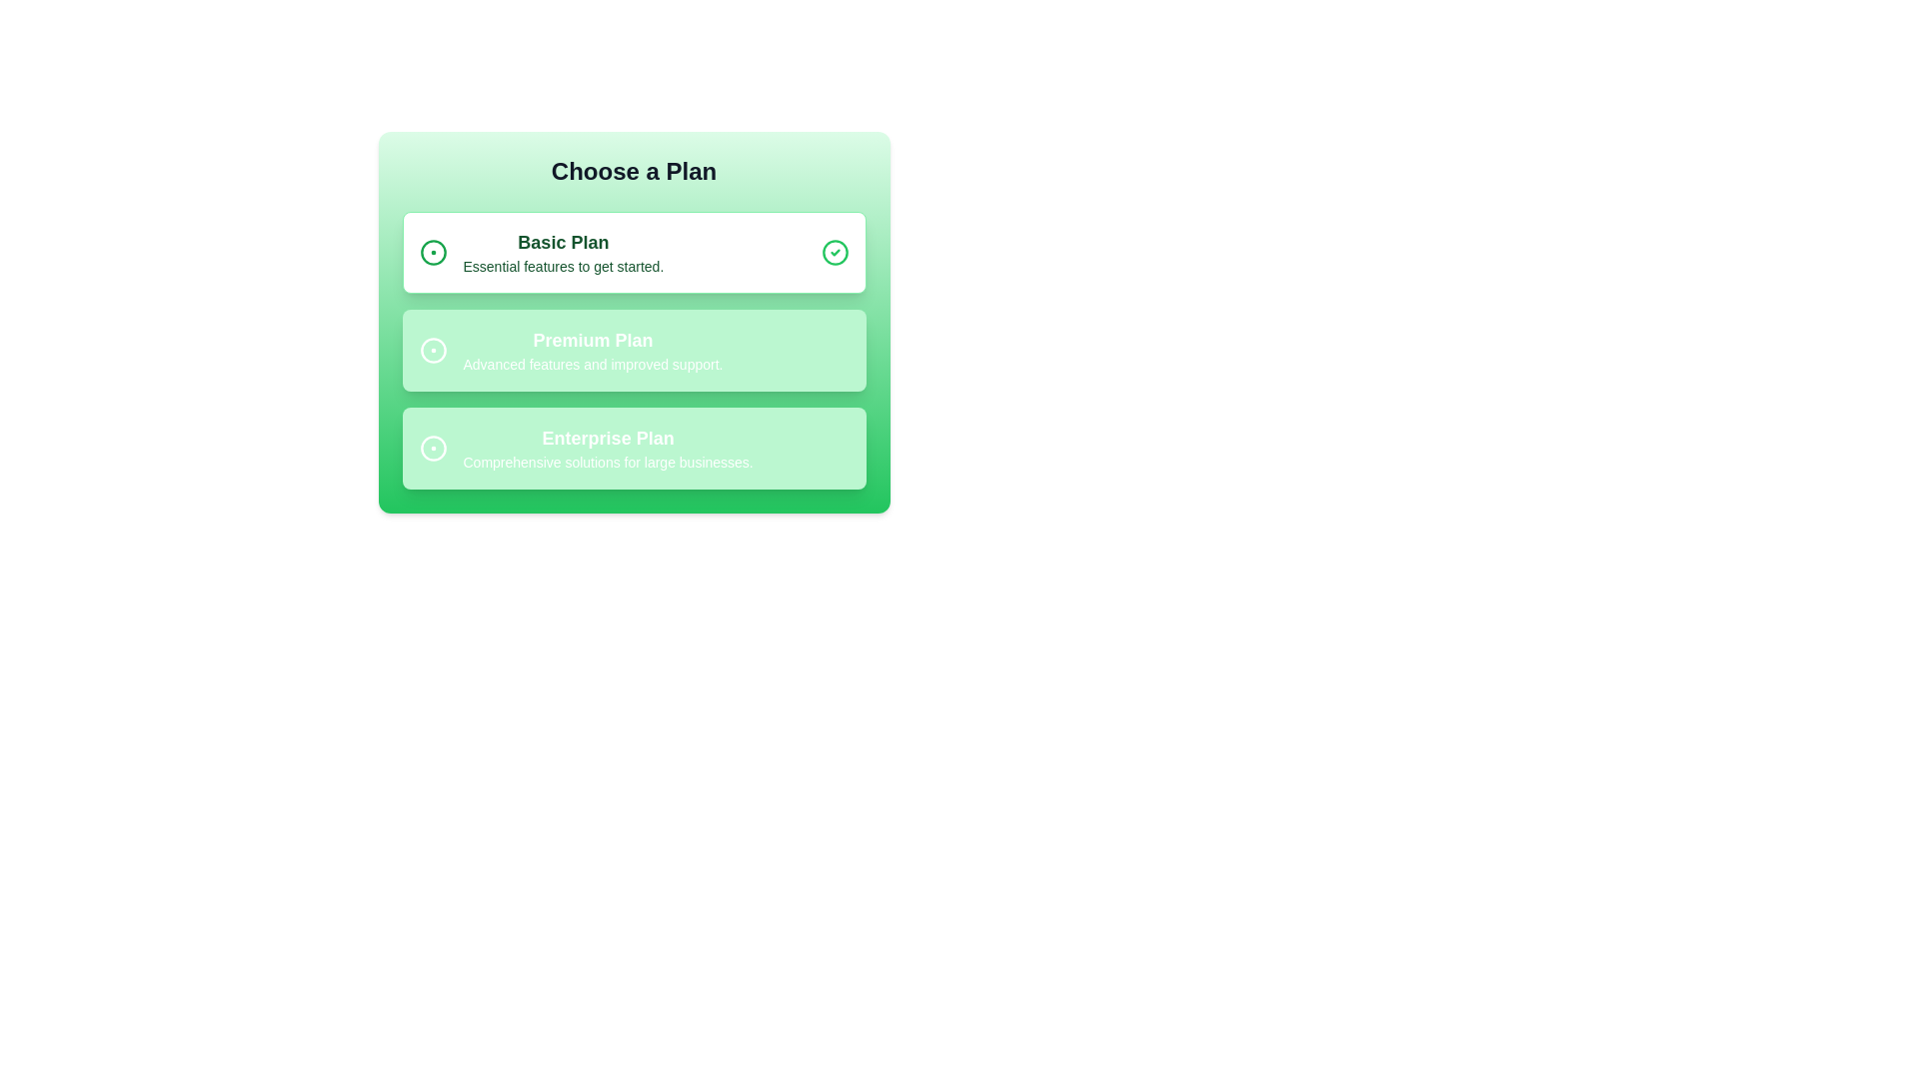 Image resolution: width=1919 pixels, height=1079 pixels. Describe the element at coordinates (562, 252) in the screenshot. I see `the 'Basic Plan' text label, which is the topmost option in the plan selection list, displaying 'Basic Plan' in bold green text and 'Essential features to get started.' in smaller font against a white background` at that location.